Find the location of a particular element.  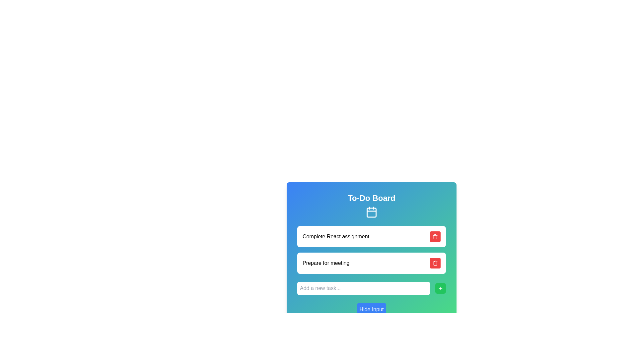

the delete icon button located to the right of the text 'Complete React assignment' is located at coordinates (435, 236).